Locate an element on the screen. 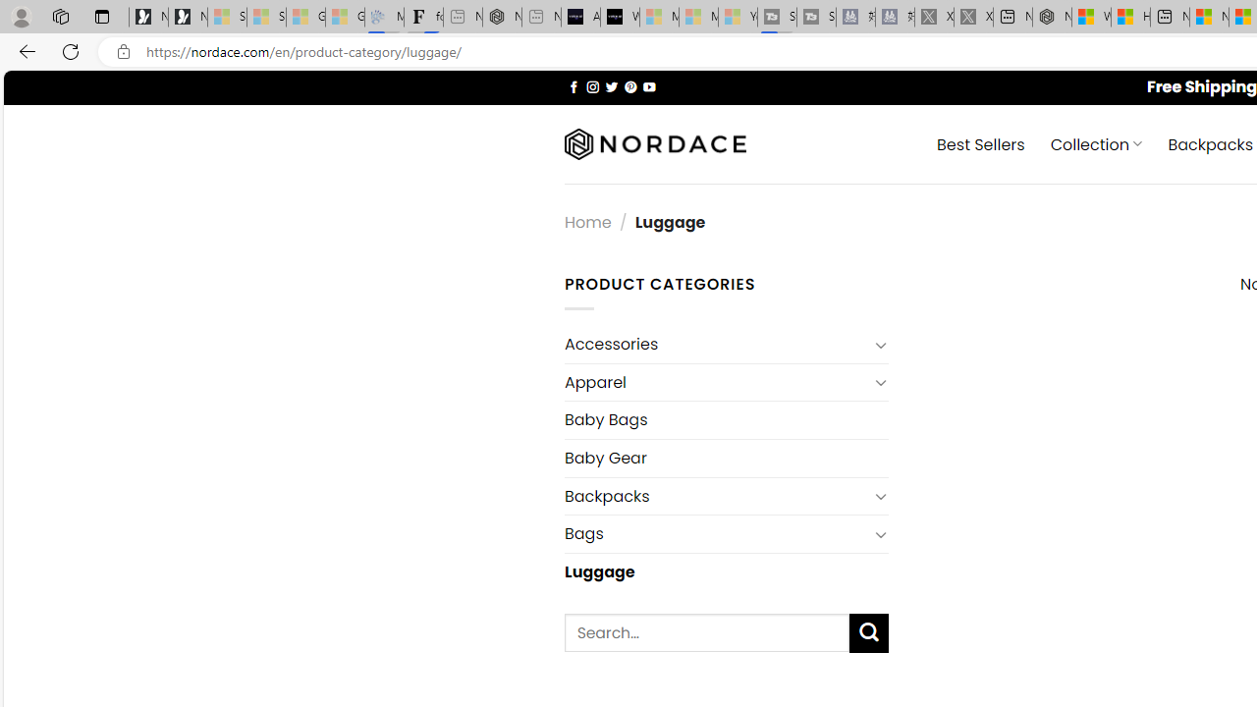  'Personal Profile' is located at coordinates (21, 16).